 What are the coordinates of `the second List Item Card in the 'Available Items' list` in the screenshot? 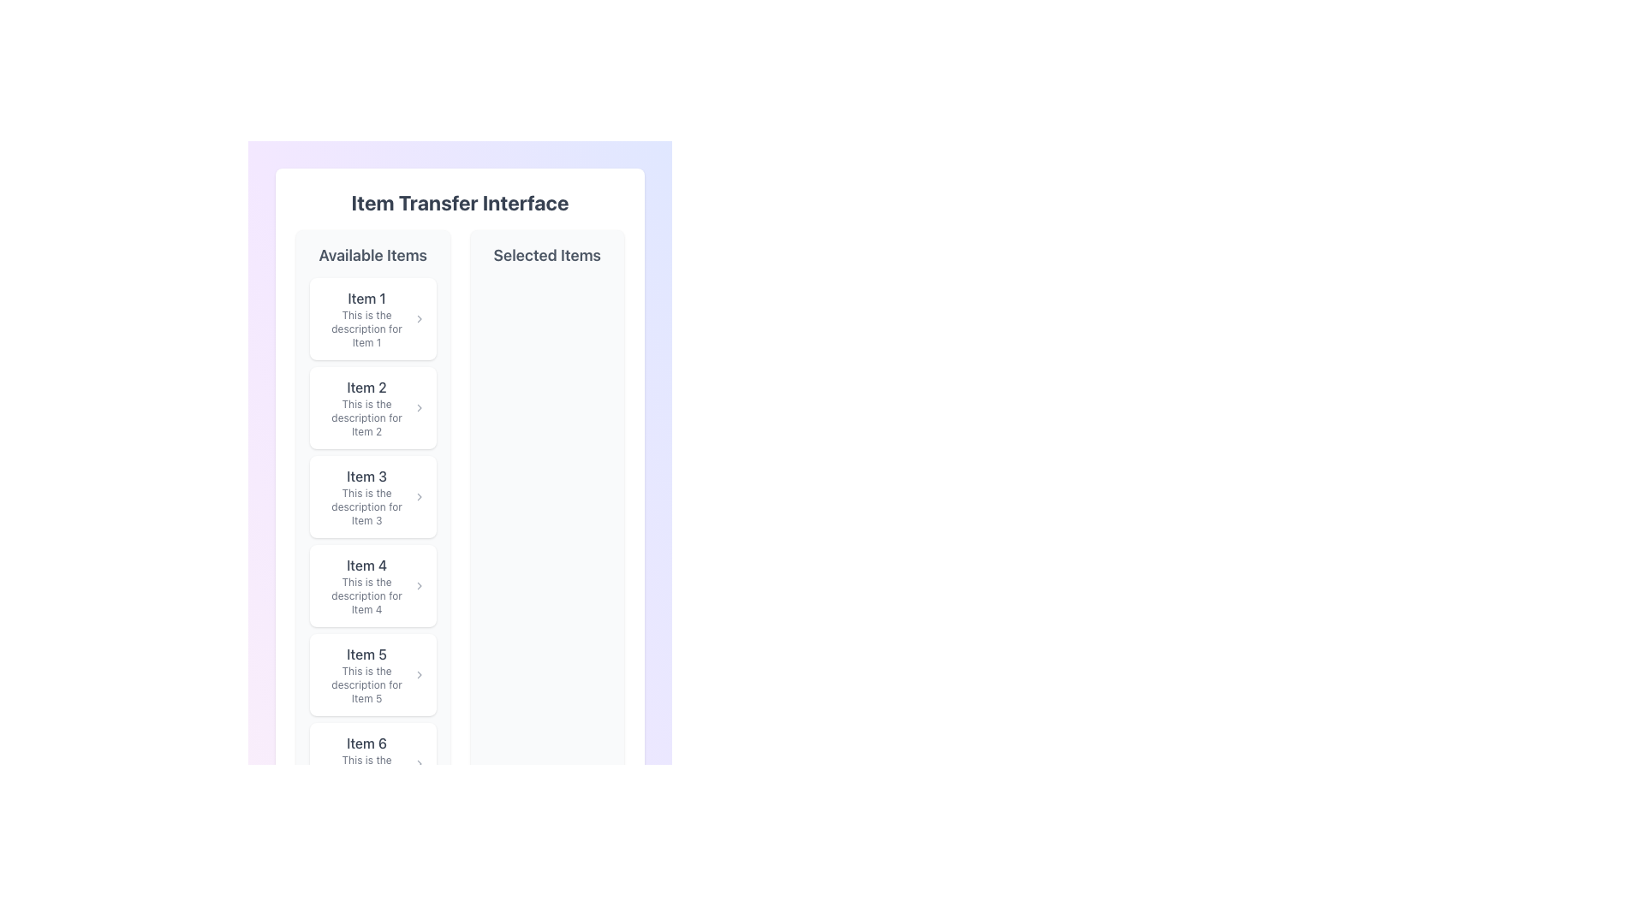 It's located at (372, 408).